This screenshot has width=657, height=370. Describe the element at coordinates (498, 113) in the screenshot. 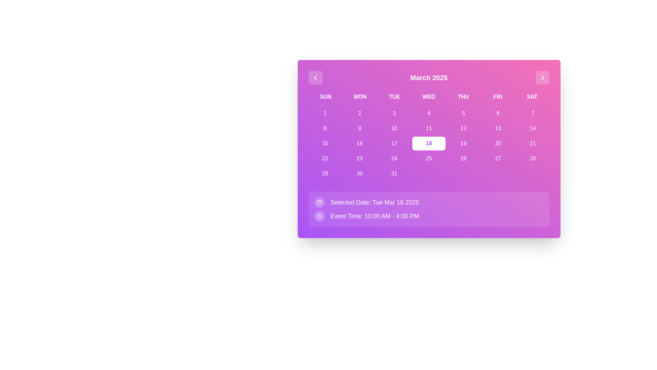

I see `the rounded button labeled '6' with a purple background in the calendar grid` at that location.